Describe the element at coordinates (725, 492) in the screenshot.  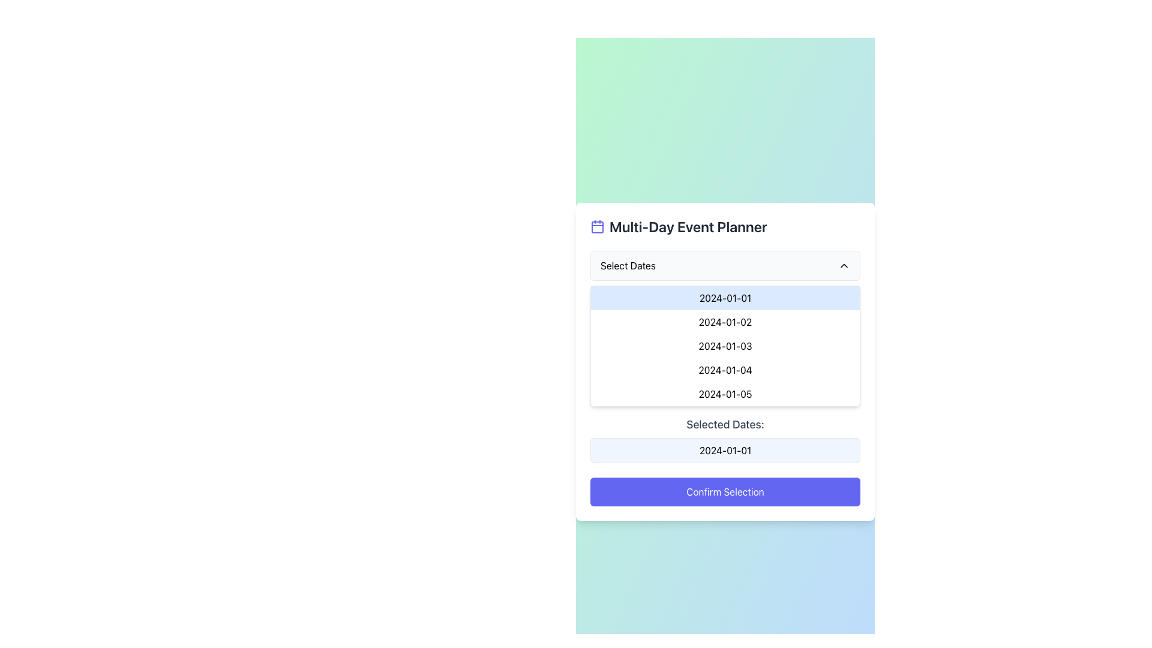
I see `the confirm button located at the bottom of the 'Multi-Day Event Planner' card to finalize the selected dates` at that location.